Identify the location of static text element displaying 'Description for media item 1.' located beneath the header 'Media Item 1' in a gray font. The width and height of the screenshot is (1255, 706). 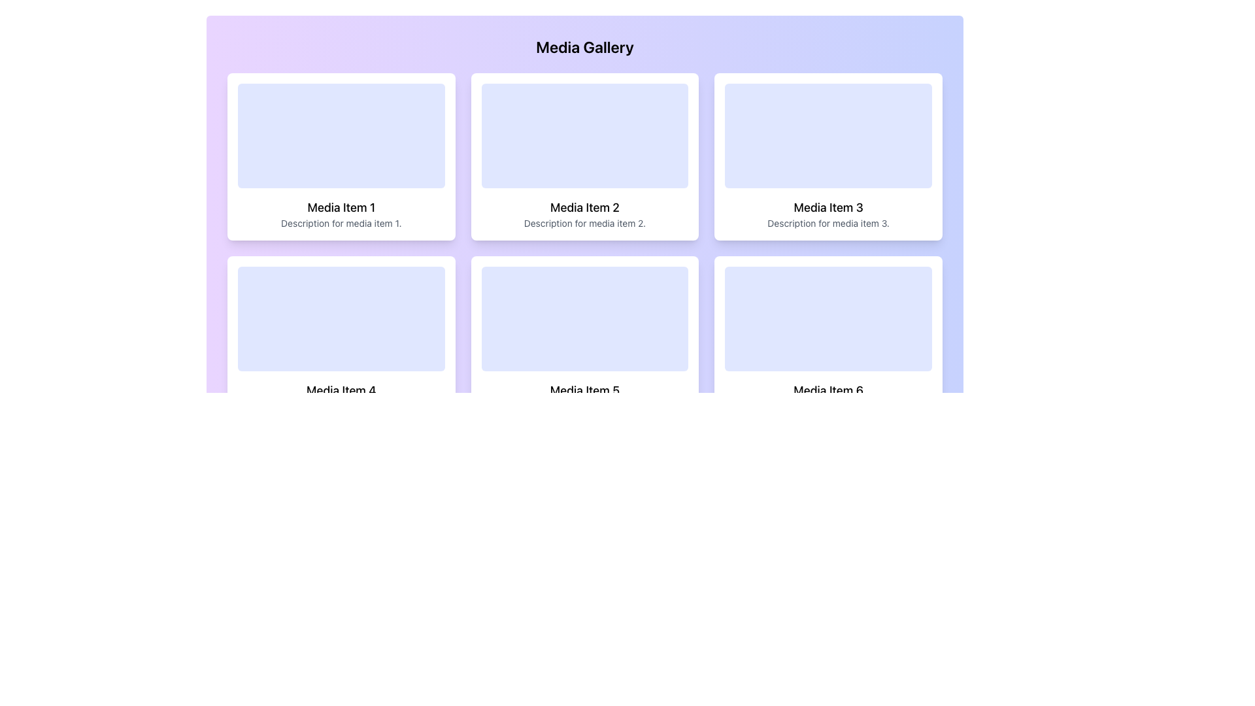
(341, 223).